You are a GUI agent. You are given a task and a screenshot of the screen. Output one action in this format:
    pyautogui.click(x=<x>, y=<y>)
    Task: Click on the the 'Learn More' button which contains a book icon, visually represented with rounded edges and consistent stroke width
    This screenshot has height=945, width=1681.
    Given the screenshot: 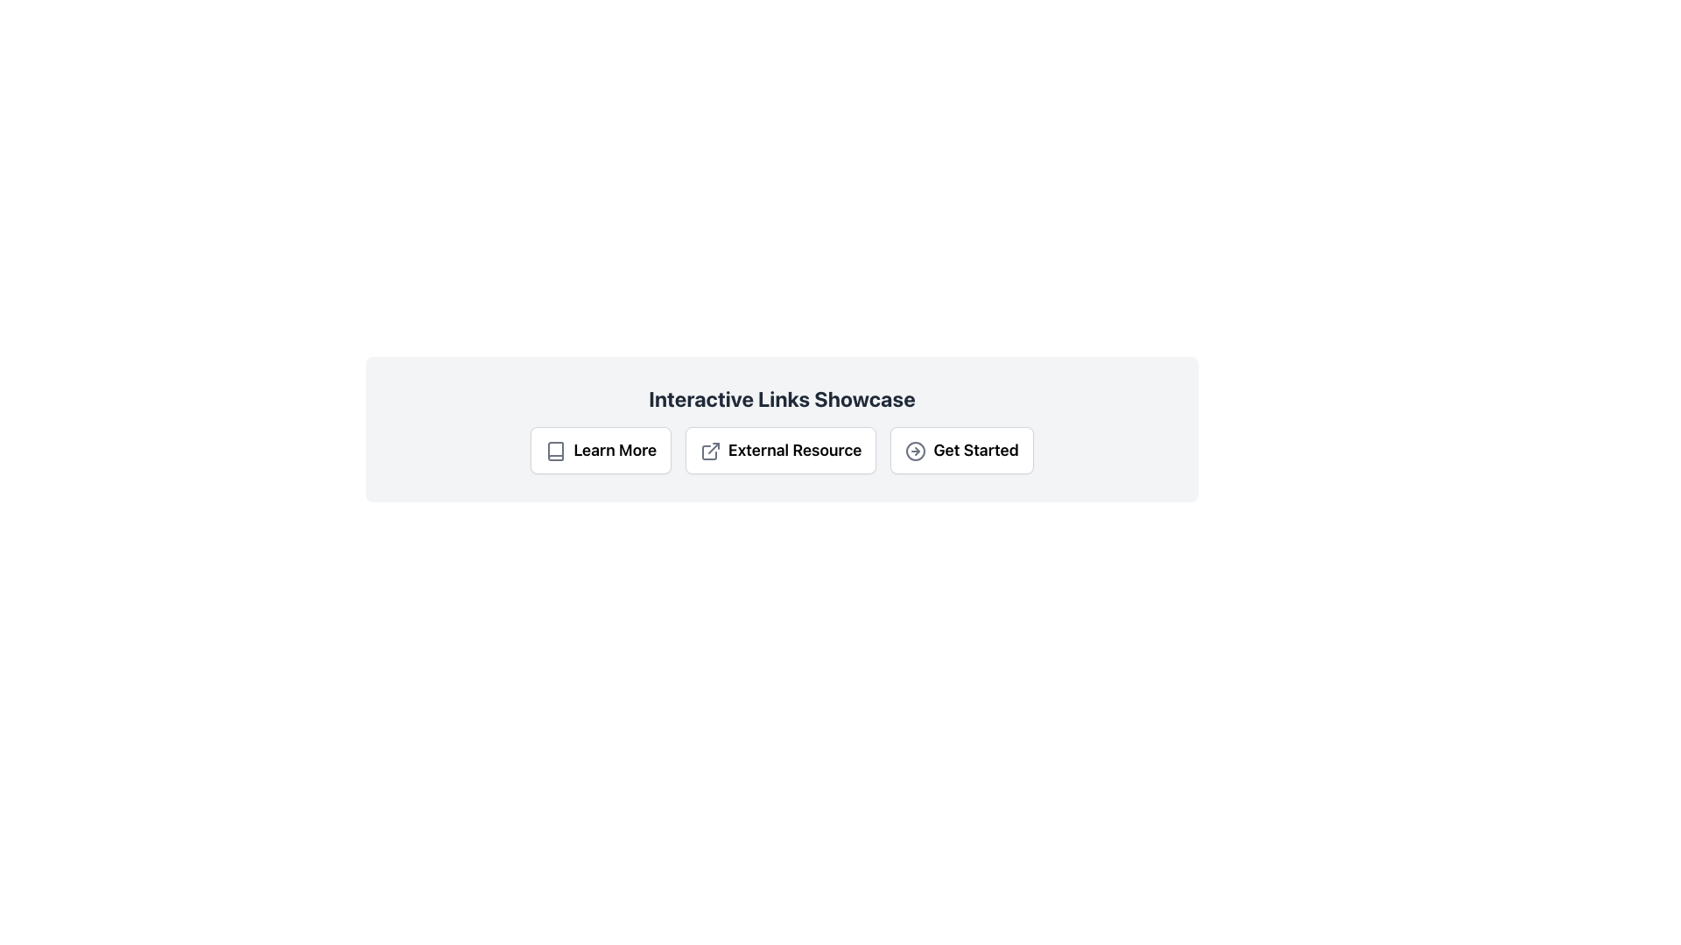 What is the action you would take?
    pyautogui.click(x=555, y=451)
    